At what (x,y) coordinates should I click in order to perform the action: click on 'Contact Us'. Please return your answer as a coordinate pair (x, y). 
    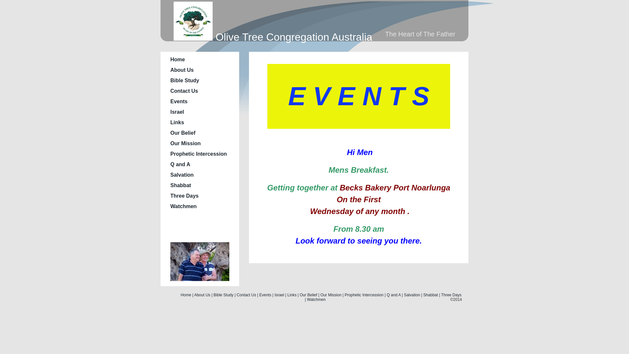
    Looking at the image, I should click on (183, 91).